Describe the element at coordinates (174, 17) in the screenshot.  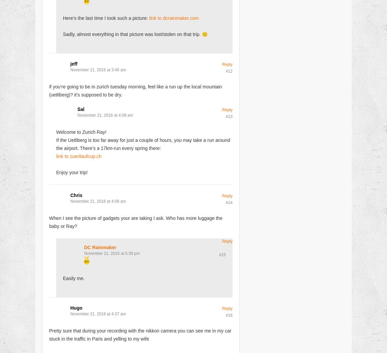
I see `'link to dcrainmaker.com'` at that location.